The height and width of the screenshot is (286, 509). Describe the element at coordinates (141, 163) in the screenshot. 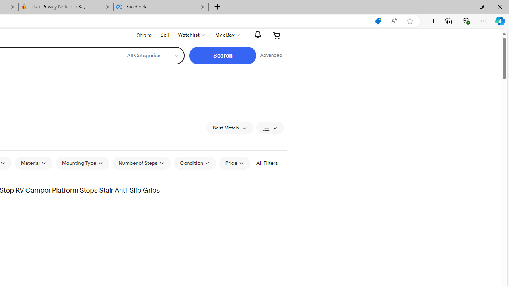

I see `'Number of Steps'` at that location.